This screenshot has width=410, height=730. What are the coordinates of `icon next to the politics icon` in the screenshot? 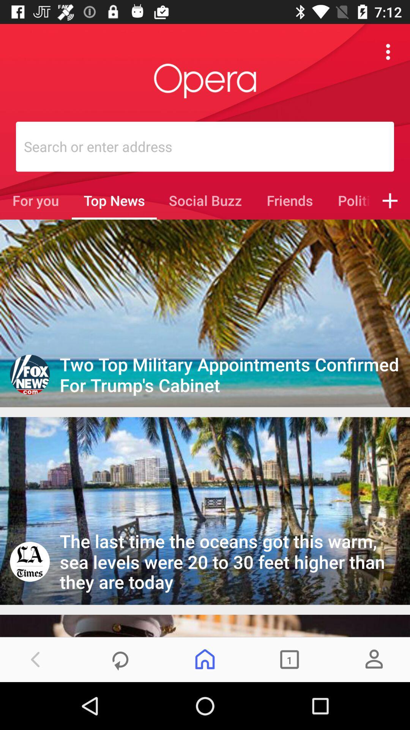 It's located at (390, 200).